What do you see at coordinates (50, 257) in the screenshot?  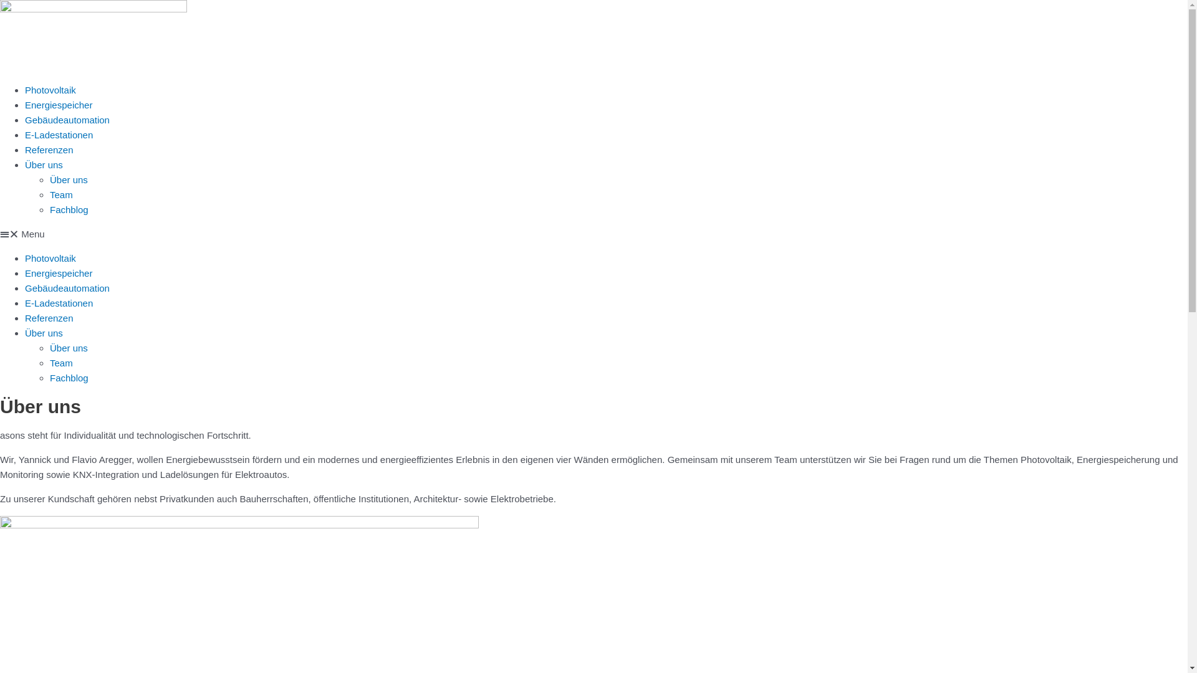 I see `'Photovoltaik'` at bounding box center [50, 257].